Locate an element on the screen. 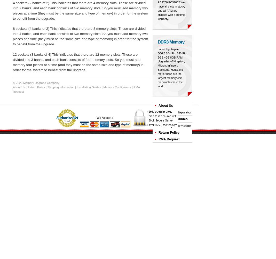 This screenshot has width=276, height=259. 'Latest hight-speed DDR3 204-Pin, 240-Pin 2GB 4GB 8GB RAM Upgrades of Kingston, Micron, Infineon, Samsung, Hynix and more, these are the largest memory chip manufacturers in the world.' is located at coordinates (171, 68).